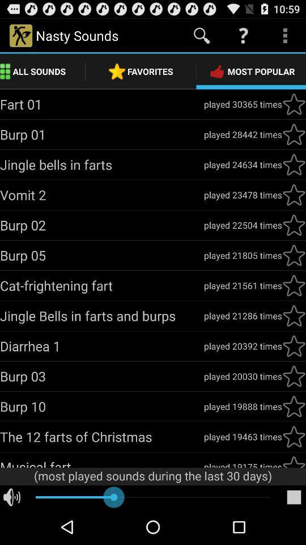  Describe the element at coordinates (294, 376) in the screenshot. I see `click a favorite` at that location.